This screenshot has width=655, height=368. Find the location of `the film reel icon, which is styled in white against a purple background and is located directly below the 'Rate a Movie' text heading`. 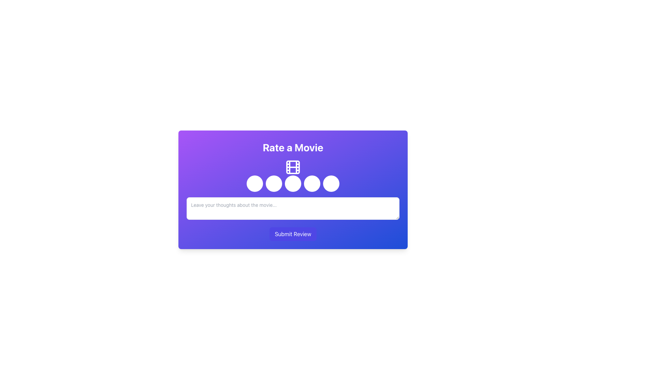

the film reel icon, which is styled in white against a purple background and is located directly below the 'Rate a Movie' text heading is located at coordinates (293, 167).